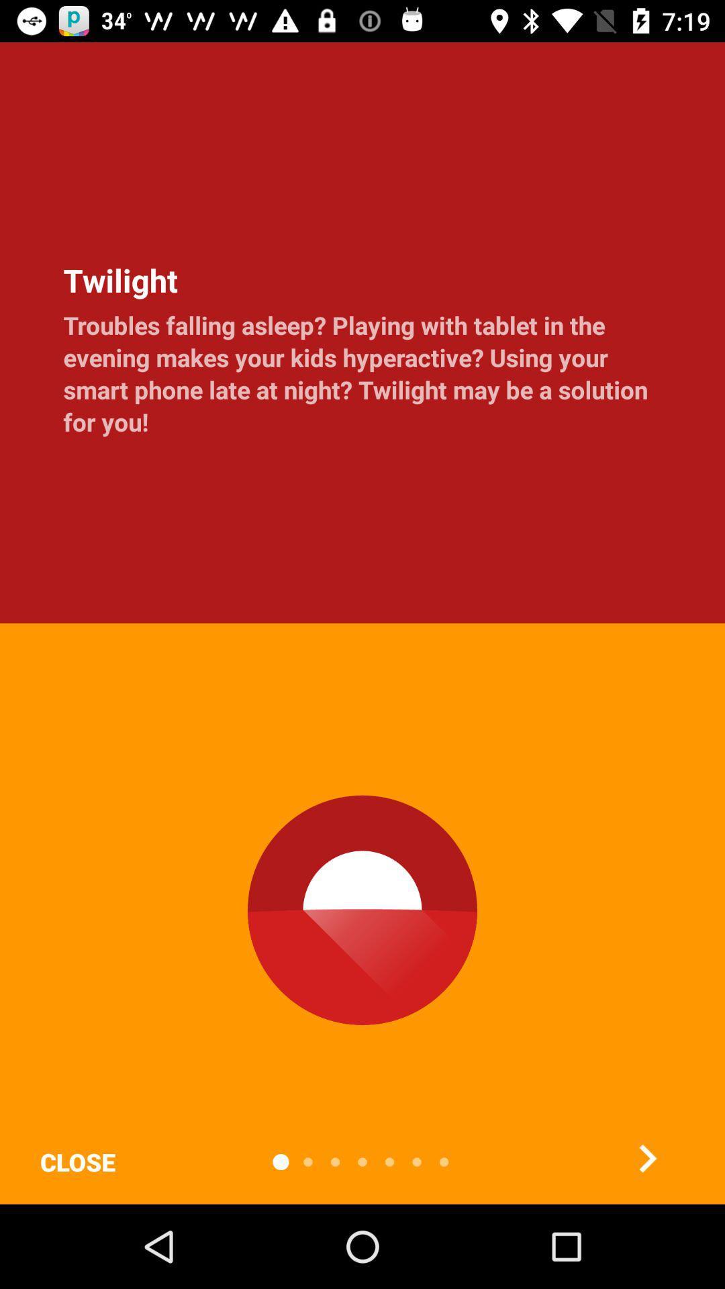 This screenshot has width=725, height=1289. Describe the element at coordinates (646, 1157) in the screenshot. I see `the arrow_forward icon` at that location.